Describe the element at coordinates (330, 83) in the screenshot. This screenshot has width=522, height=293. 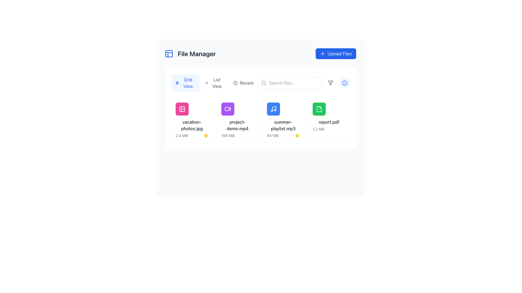
I see `the filtering icon located to the right of the search bar in the upper region of the interface` at that location.